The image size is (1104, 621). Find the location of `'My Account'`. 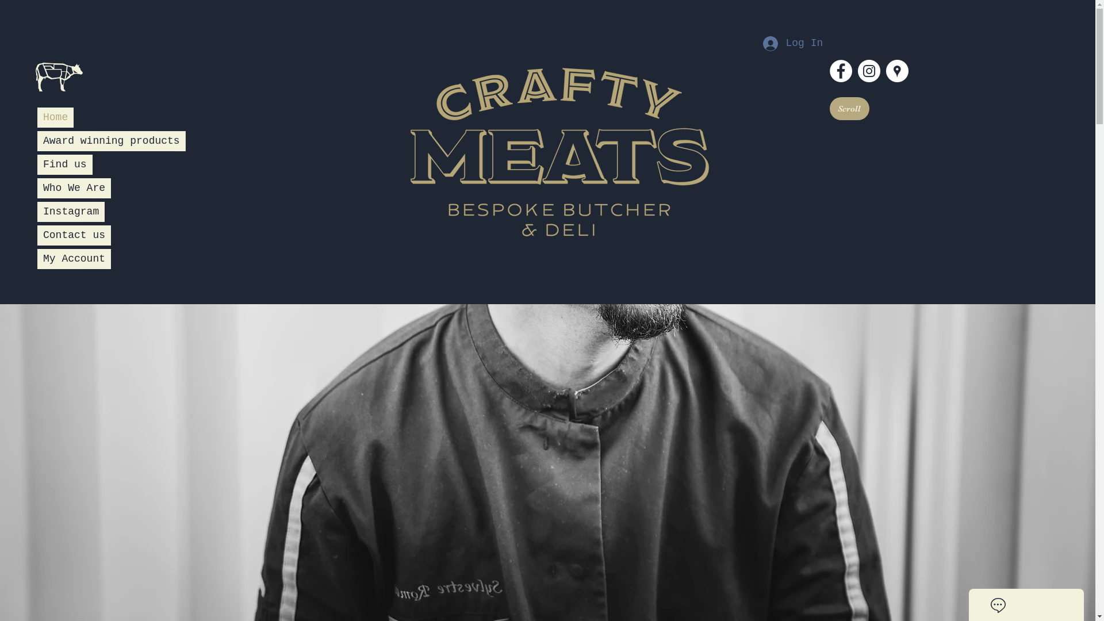

'My Account' is located at coordinates (74, 251).